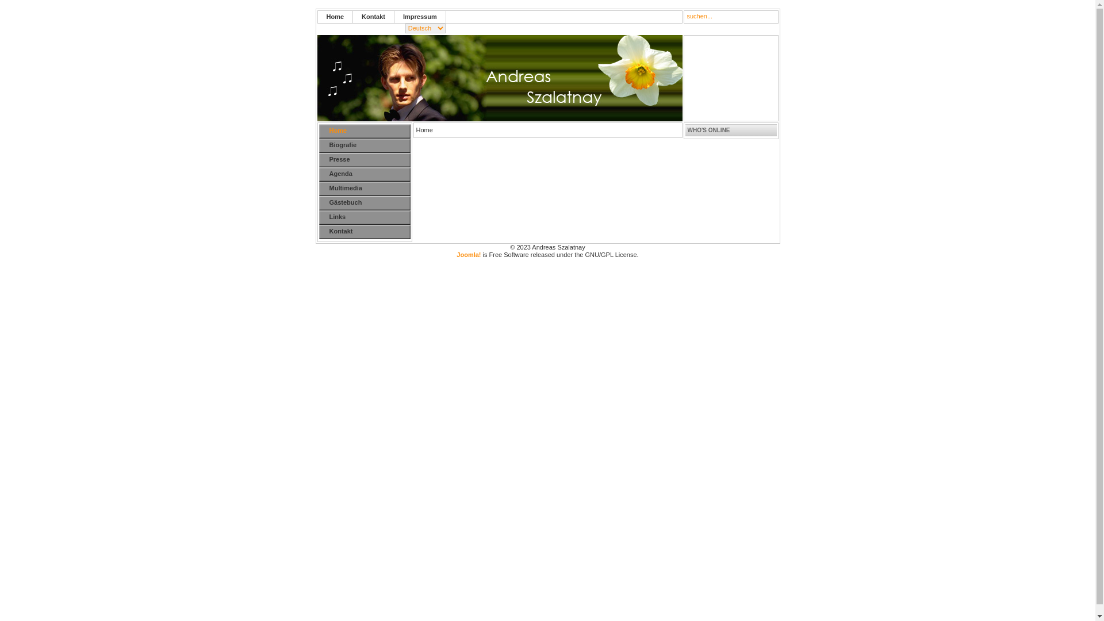 This screenshot has width=1104, height=621. Describe the element at coordinates (469, 254) in the screenshot. I see `'Joomla!'` at that location.